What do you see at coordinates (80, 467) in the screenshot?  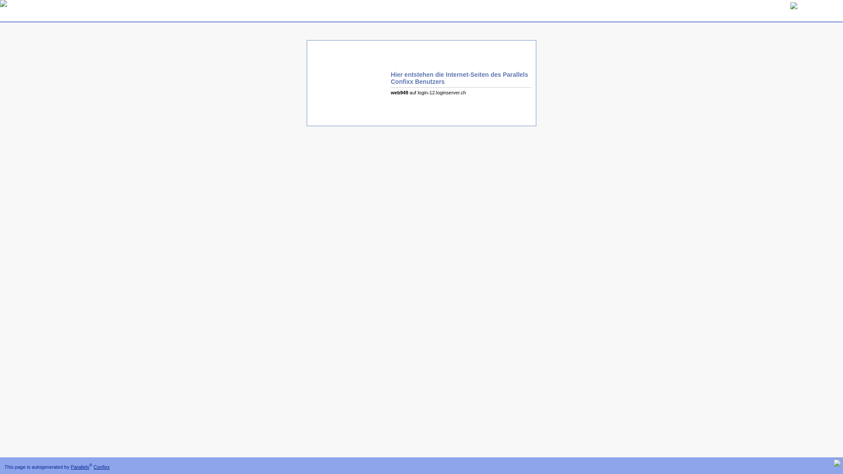 I see `'Parallels'` at bounding box center [80, 467].